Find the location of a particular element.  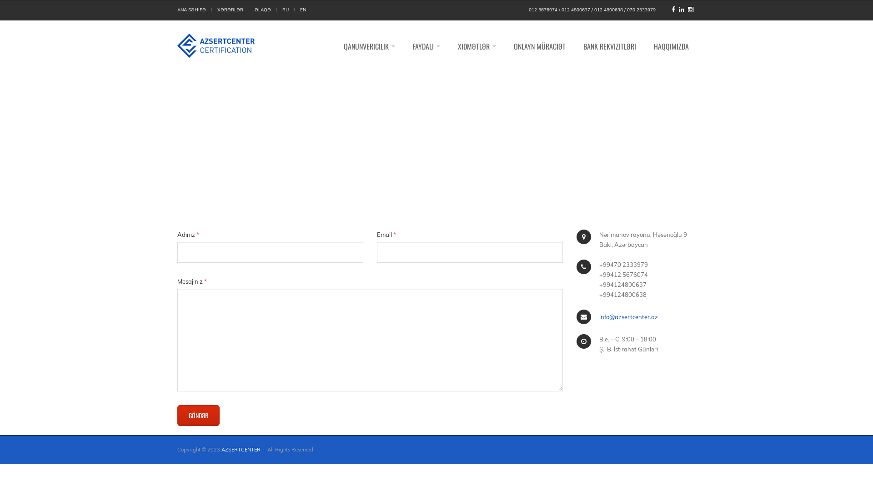

'FAYDALI' is located at coordinates (426, 46).